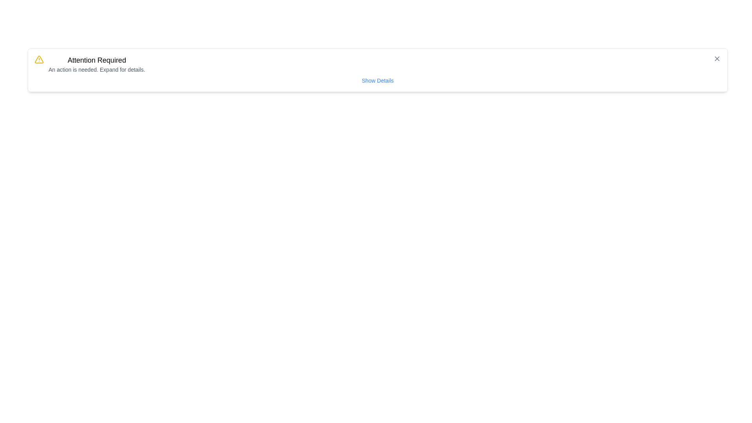 The image size is (752, 423). Describe the element at coordinates (39, 59) in the screenshot. I see `the alert icon to interact with it` at that location.